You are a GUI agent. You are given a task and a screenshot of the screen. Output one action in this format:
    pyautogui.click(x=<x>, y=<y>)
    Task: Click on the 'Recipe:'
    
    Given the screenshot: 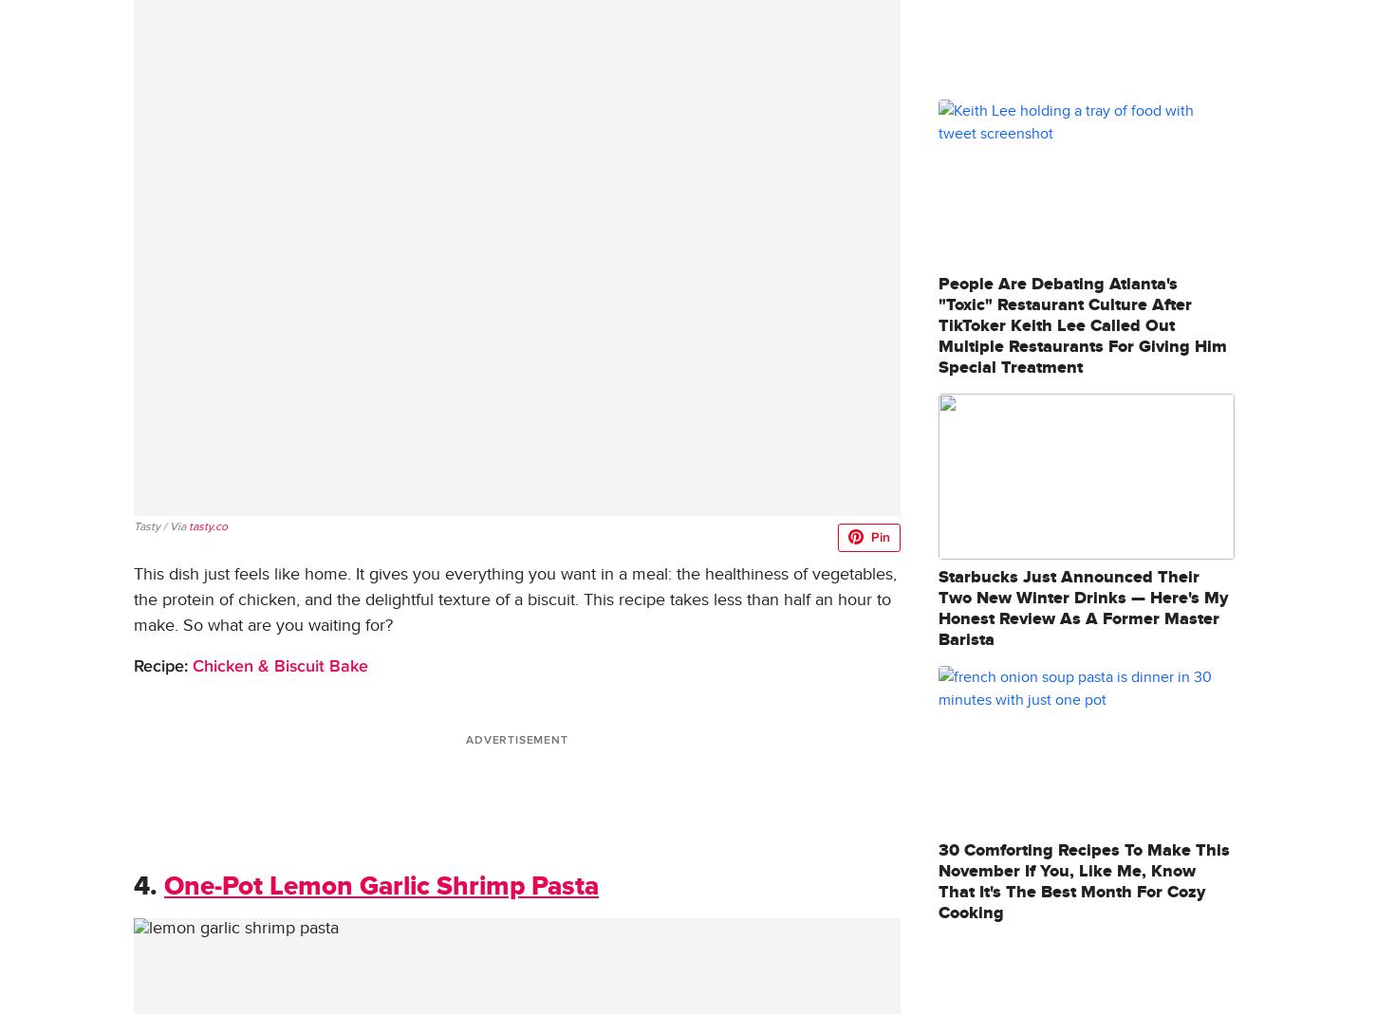 What is the action you would take?
    pyautogui.click(x=159, y=664)
    